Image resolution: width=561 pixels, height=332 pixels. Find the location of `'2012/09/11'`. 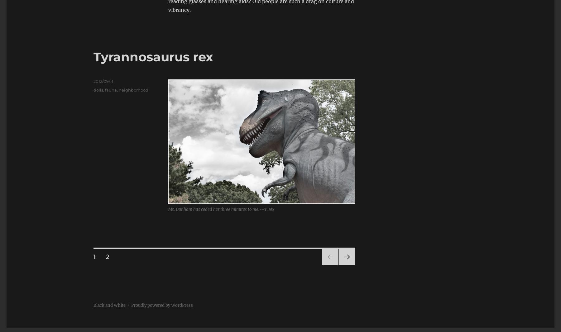

'2012/09/11' is located at coordinates (103, 81).